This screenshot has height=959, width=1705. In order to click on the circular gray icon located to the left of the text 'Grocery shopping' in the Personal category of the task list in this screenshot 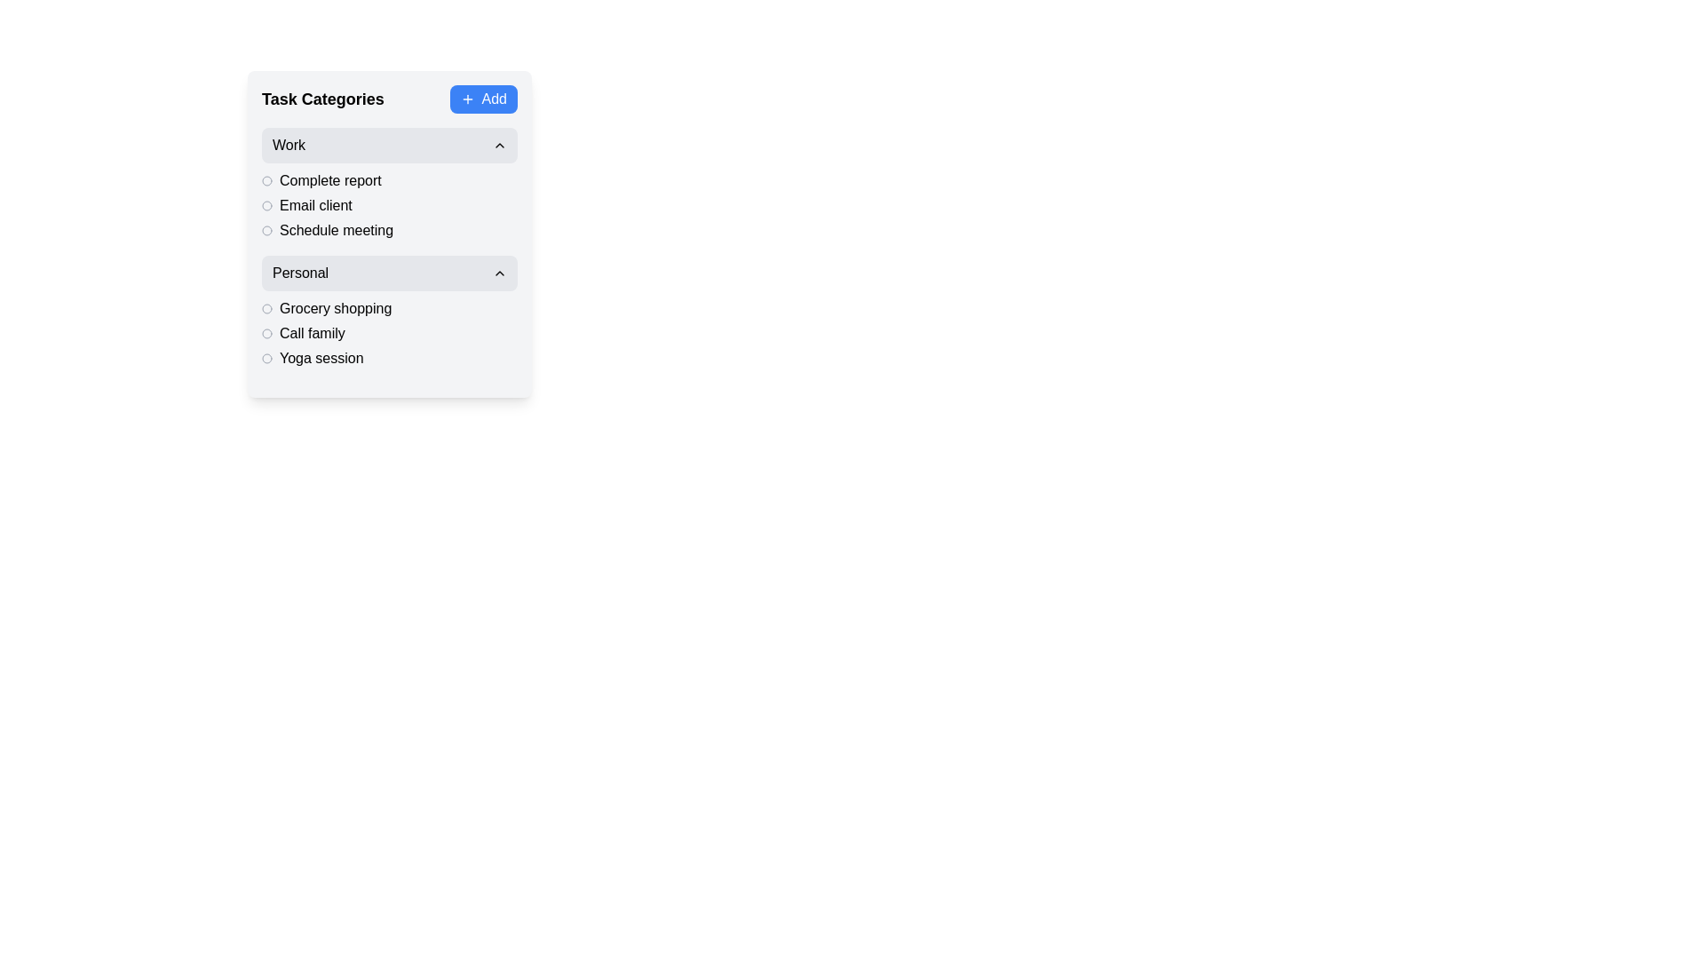, I will do `click(266, 307)`.